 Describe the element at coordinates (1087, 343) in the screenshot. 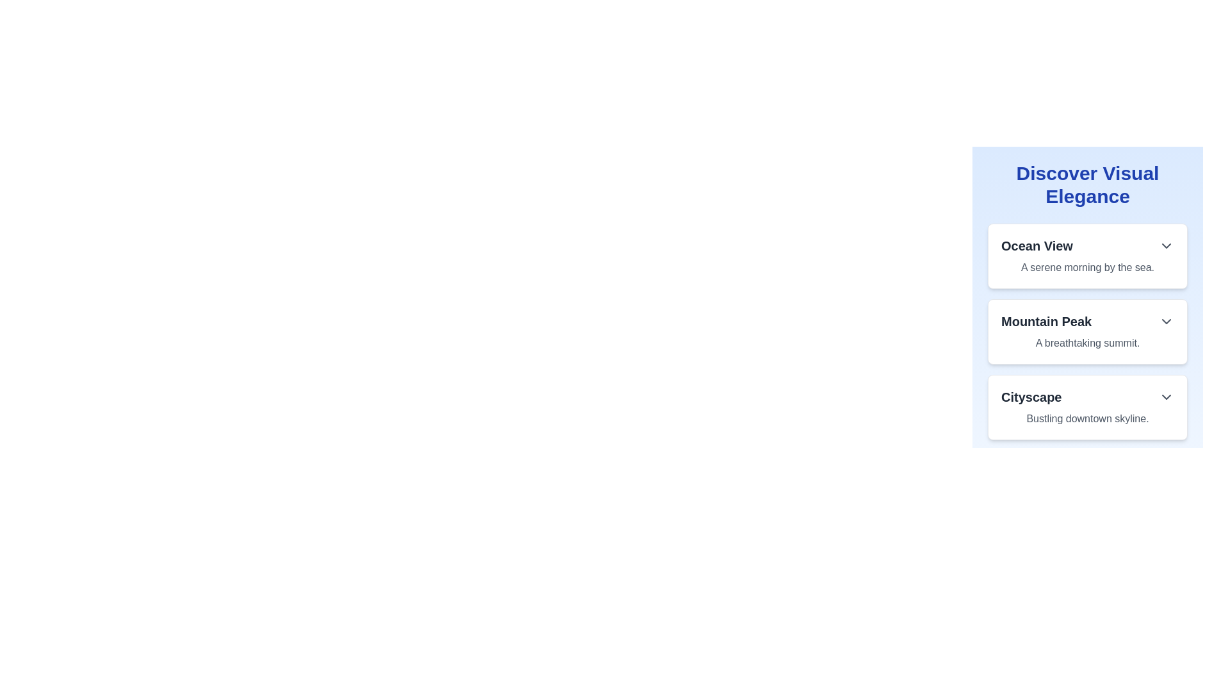

I see `the text element reading 'A breathtaking summit.' which is styled in a lighter shade of gray and located beneath the heading 'Mountain Peak' within a card` at that location.